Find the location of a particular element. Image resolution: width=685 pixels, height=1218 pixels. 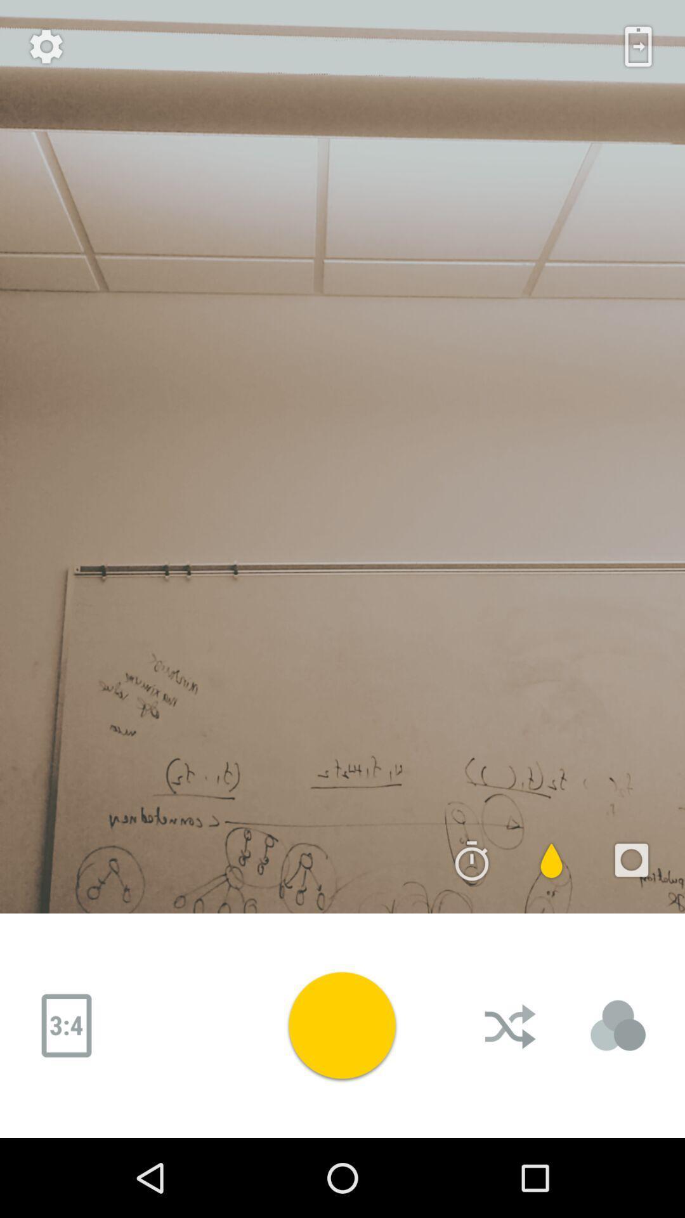

change screen resolution is located at coordinates (66, 1026).